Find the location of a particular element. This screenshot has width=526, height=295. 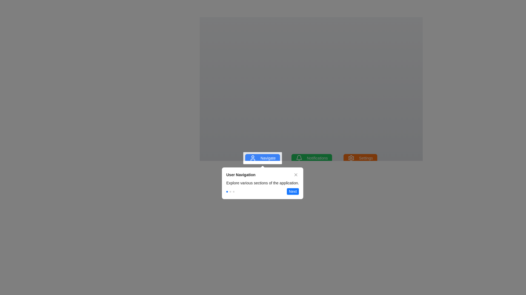

the 'Navigate' button, which has a blue background, white text, and a user icon on the left side, located at the bottom center of the interface is located at coordinates (262, 158).